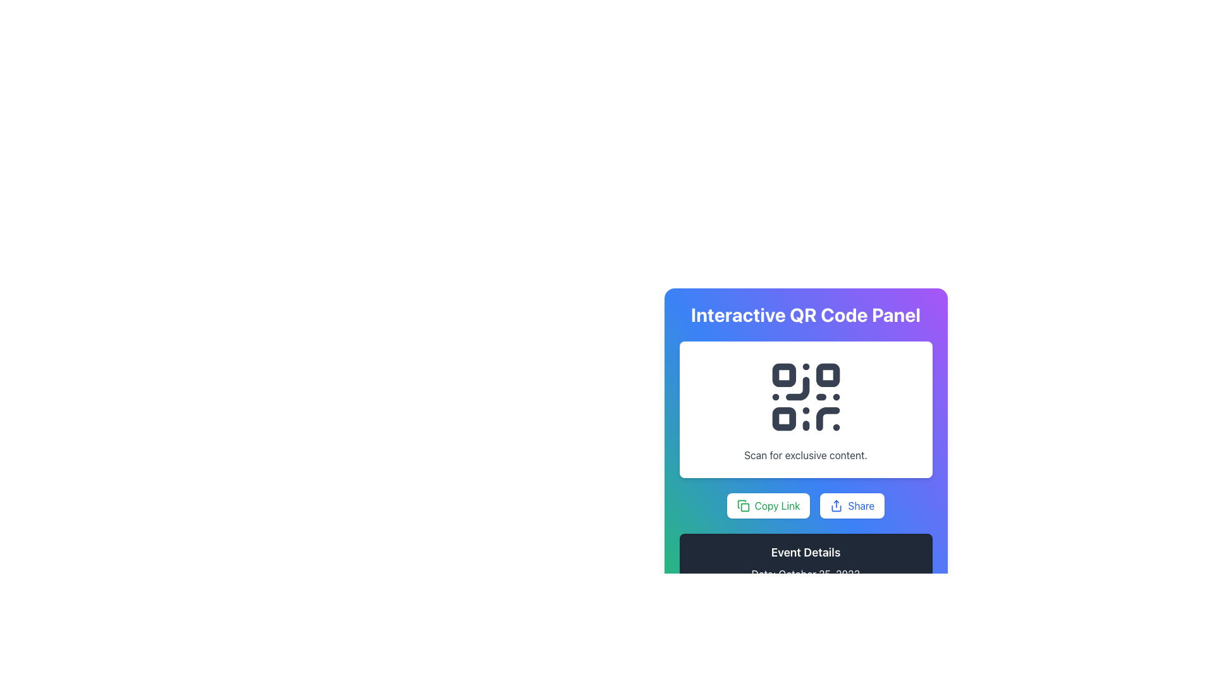 The height and width of the screenshot is (683, 1214). I want to click on the bottom-left square component of the QR code displayed in the middle of the card interface, so click(783, 419).